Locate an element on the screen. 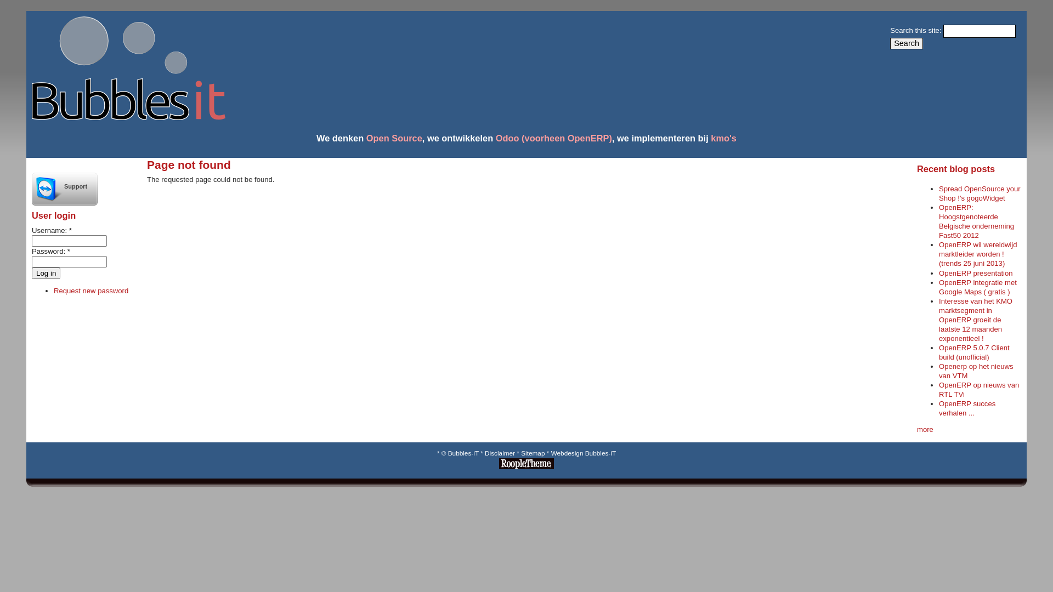  'OpenERP op nieuws van RTL TVi' is located at coordinates (938, 389).